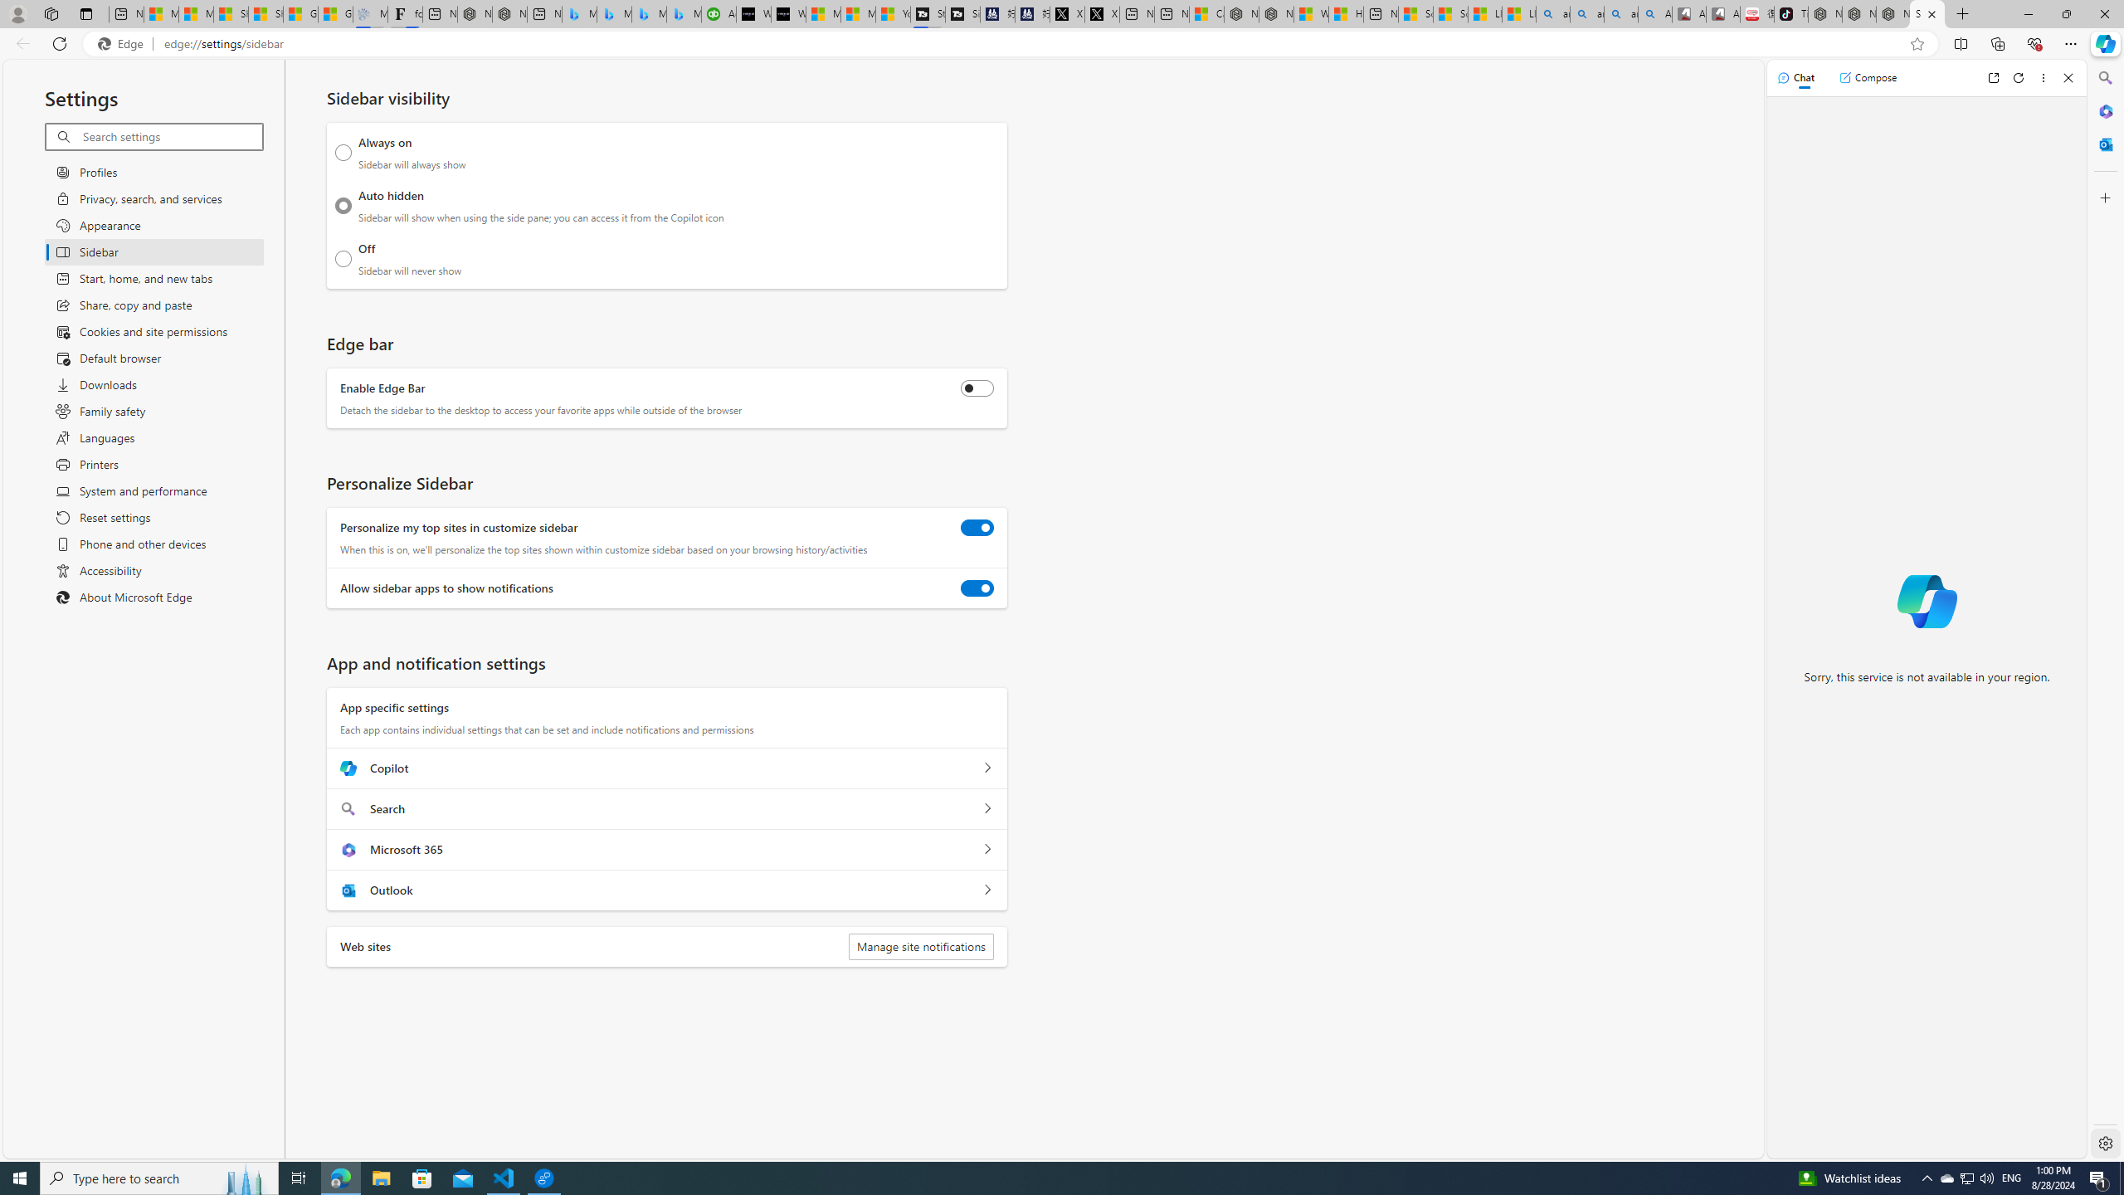 Image resolution: width=2124 pixels, height=1195 pixels. I want to click on 'Microsoft Bing Travel - Stays in Bangkok, Bangkok, Thailand', so click(615, 13).